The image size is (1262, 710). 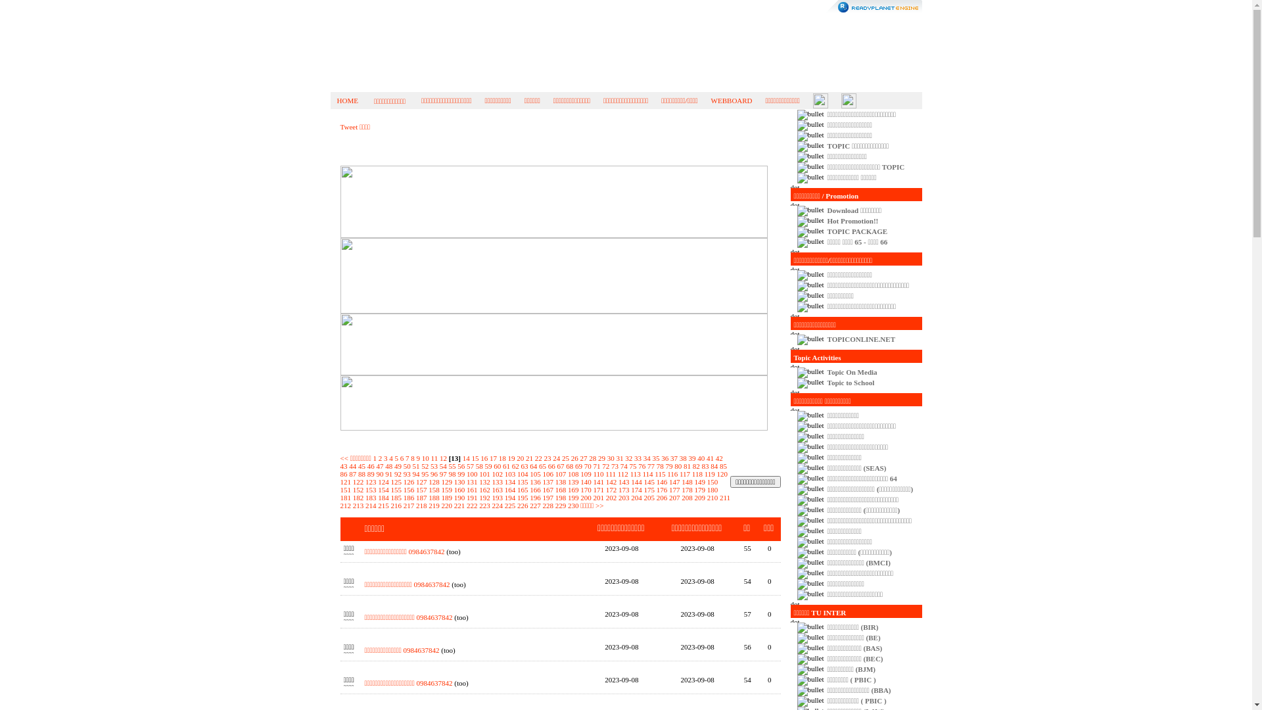 I want to click on '107', so click(x=561, y=474).